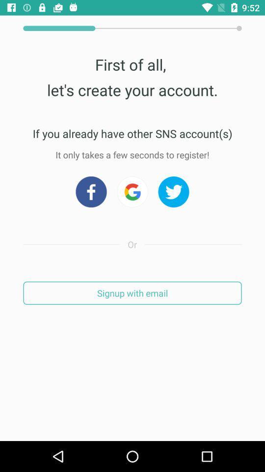 This screenshot has width=265, height=472. What do you see at coordinates (91, 191) in the screenshot?
I see `login with facebook` at bounding box center [91, 191].